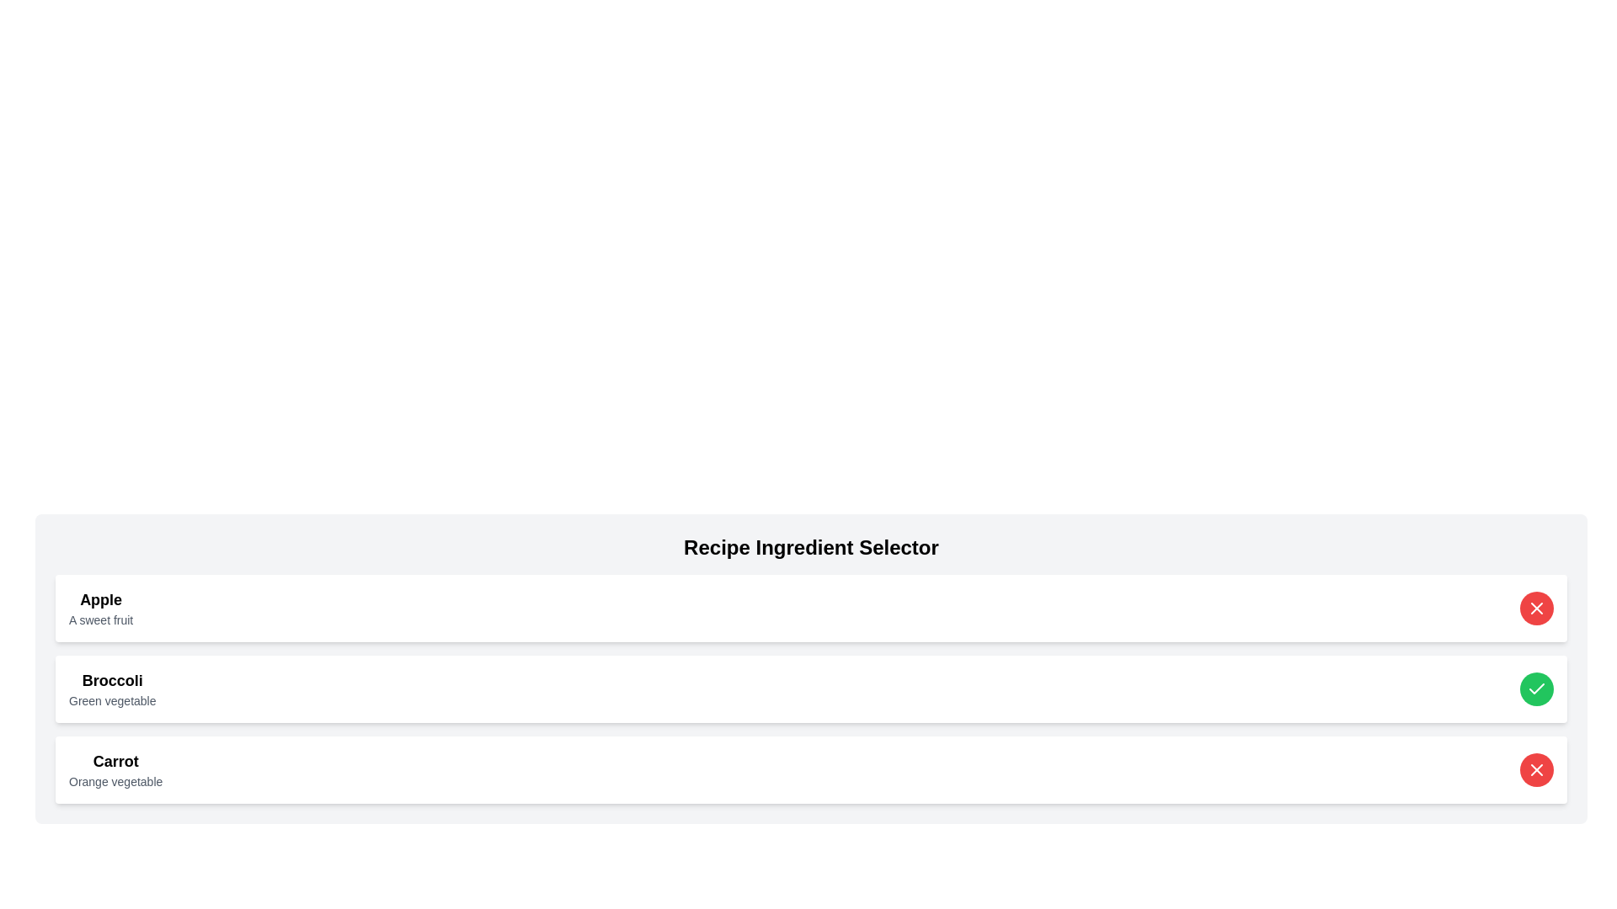 The image size is (1617, 909). What do you see at coordinates (111, 688) in the screenshot?
I see `text displayed in the Text display element that shows 'Broccoli' and 'Green vegetable', positioned below 'Apple' and above 'Carrot'` at bounding box center [111, 688].